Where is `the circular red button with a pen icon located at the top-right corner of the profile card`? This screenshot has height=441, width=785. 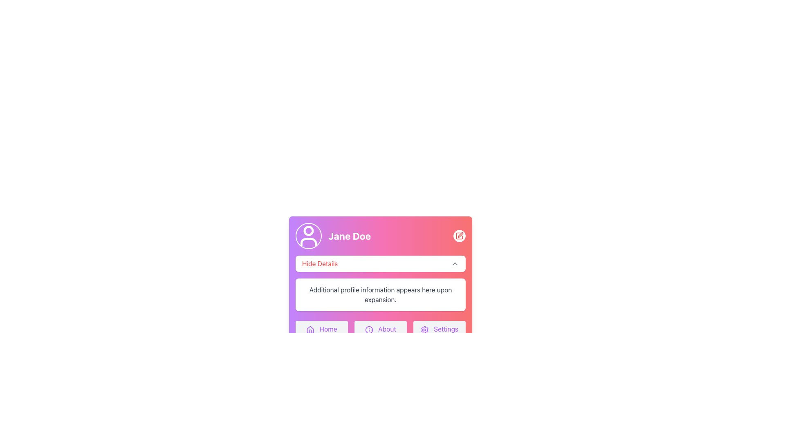
the circular red button with a pen icon located at the top-right corner of the profile card is located at coordinates (459, 236).